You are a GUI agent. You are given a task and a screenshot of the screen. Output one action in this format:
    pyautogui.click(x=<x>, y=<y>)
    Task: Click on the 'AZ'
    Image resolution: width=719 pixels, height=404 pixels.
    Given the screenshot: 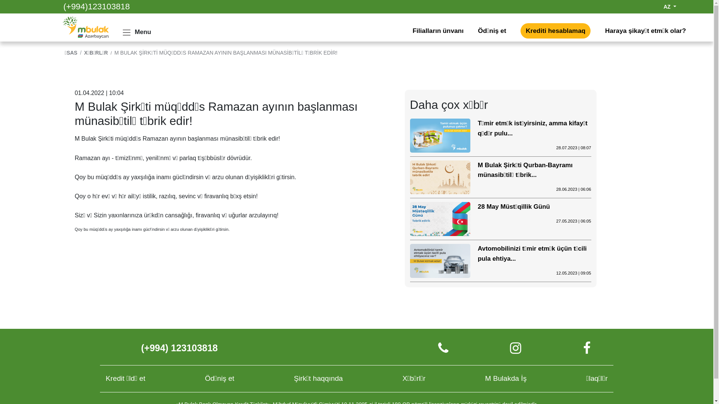 What is the action you would take?
    pyautogui.click(x=670, y=7)
    